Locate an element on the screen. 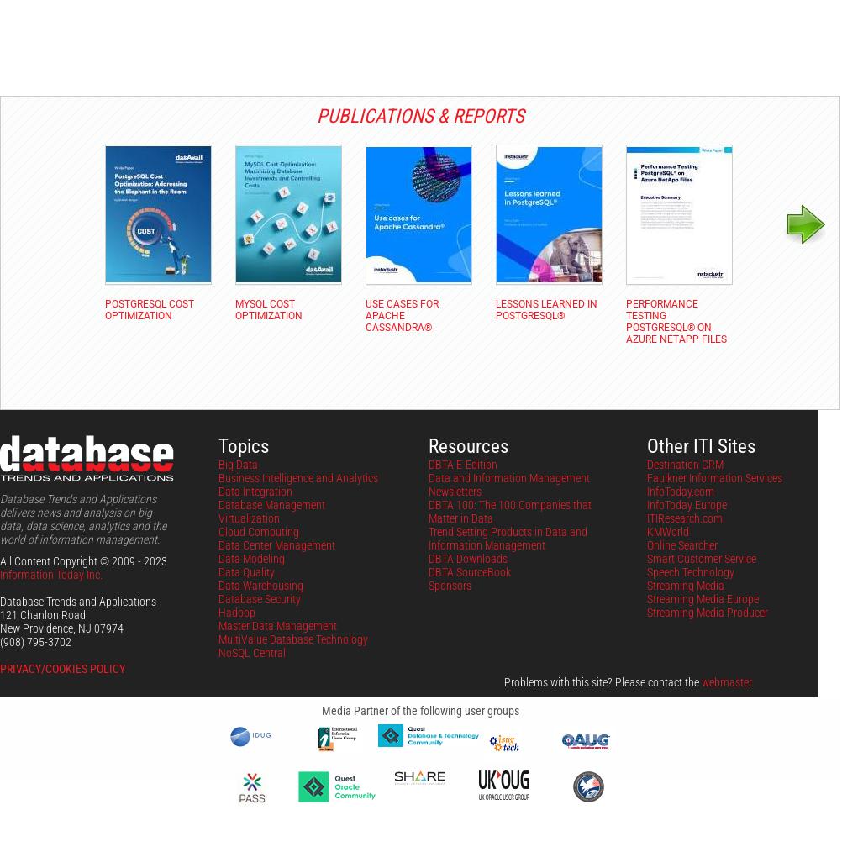 The width and height of the screenshot is (842, 852). 'InfoToday.com' is located at coordinates (680, 490).